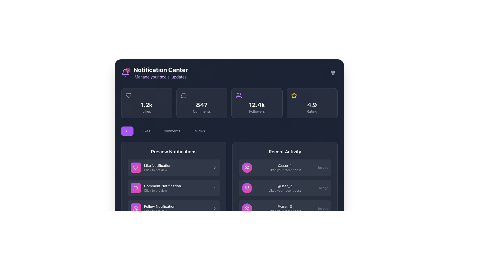 This screenshot has height=276, width=491. I want to click on the Notification Badge which indicates the number of unread notifications, located on the top-right corner of the notification bell icon, so click(128, 70).